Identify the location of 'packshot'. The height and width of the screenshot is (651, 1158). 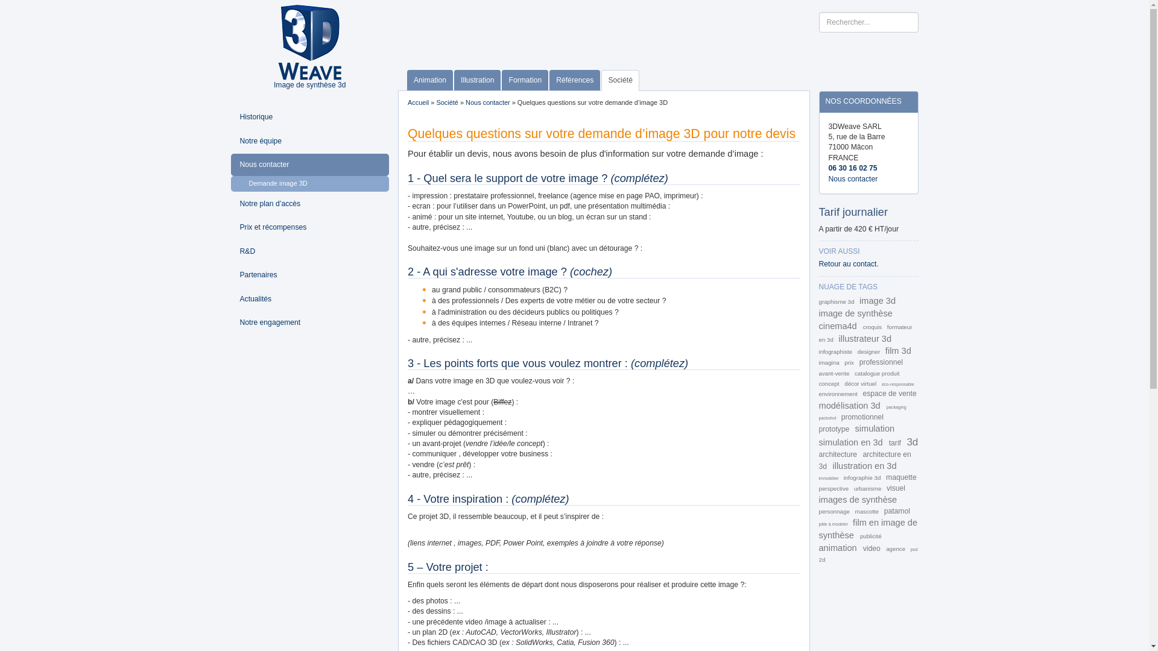
(827, 417).